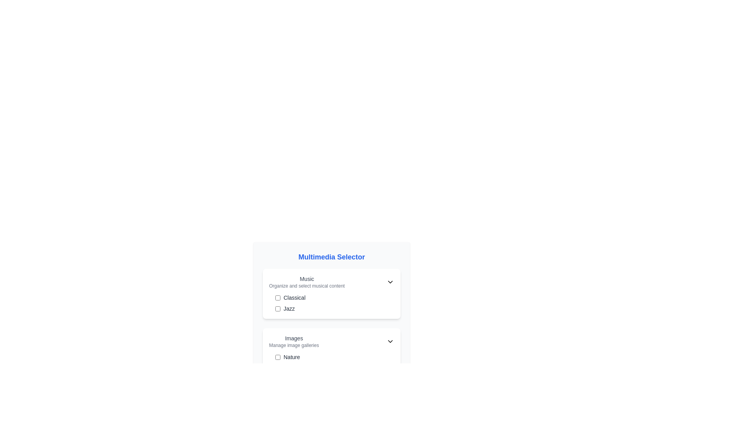  I want to click on the Descriptive Label that provides additional context about the 'Music' section, located under the 'Music' title in the 'Multimedia Selector' panel, so click(306, 286).